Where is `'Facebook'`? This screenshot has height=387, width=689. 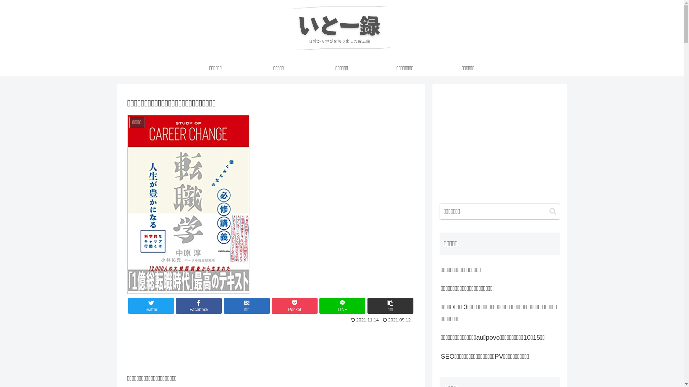
'Facebook' is located at coordinates (198, 306).